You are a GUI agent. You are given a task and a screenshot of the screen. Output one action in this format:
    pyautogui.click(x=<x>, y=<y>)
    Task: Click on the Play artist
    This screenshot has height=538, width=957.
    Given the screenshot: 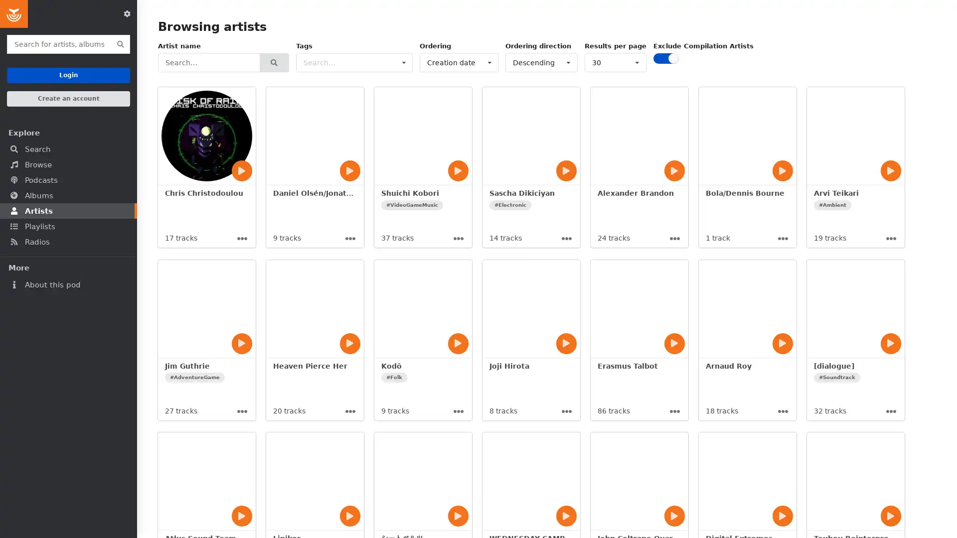 What is the action you would take?
    pyautogui.click(x=241, y=343)
    